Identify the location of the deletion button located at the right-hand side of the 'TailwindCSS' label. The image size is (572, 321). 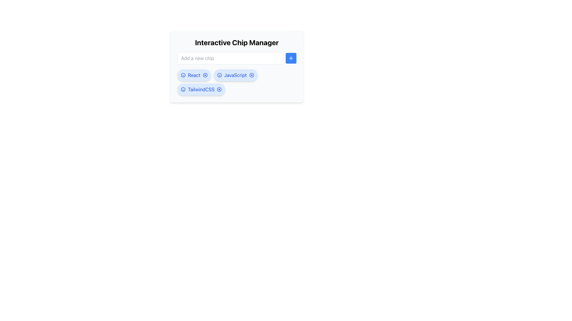
(219, 89).